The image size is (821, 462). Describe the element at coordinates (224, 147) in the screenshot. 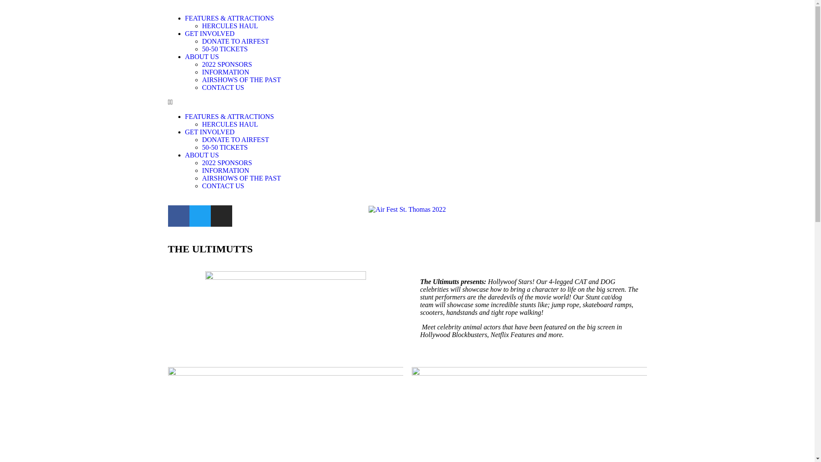

I see `'50-50 TICKETS'` at that location.